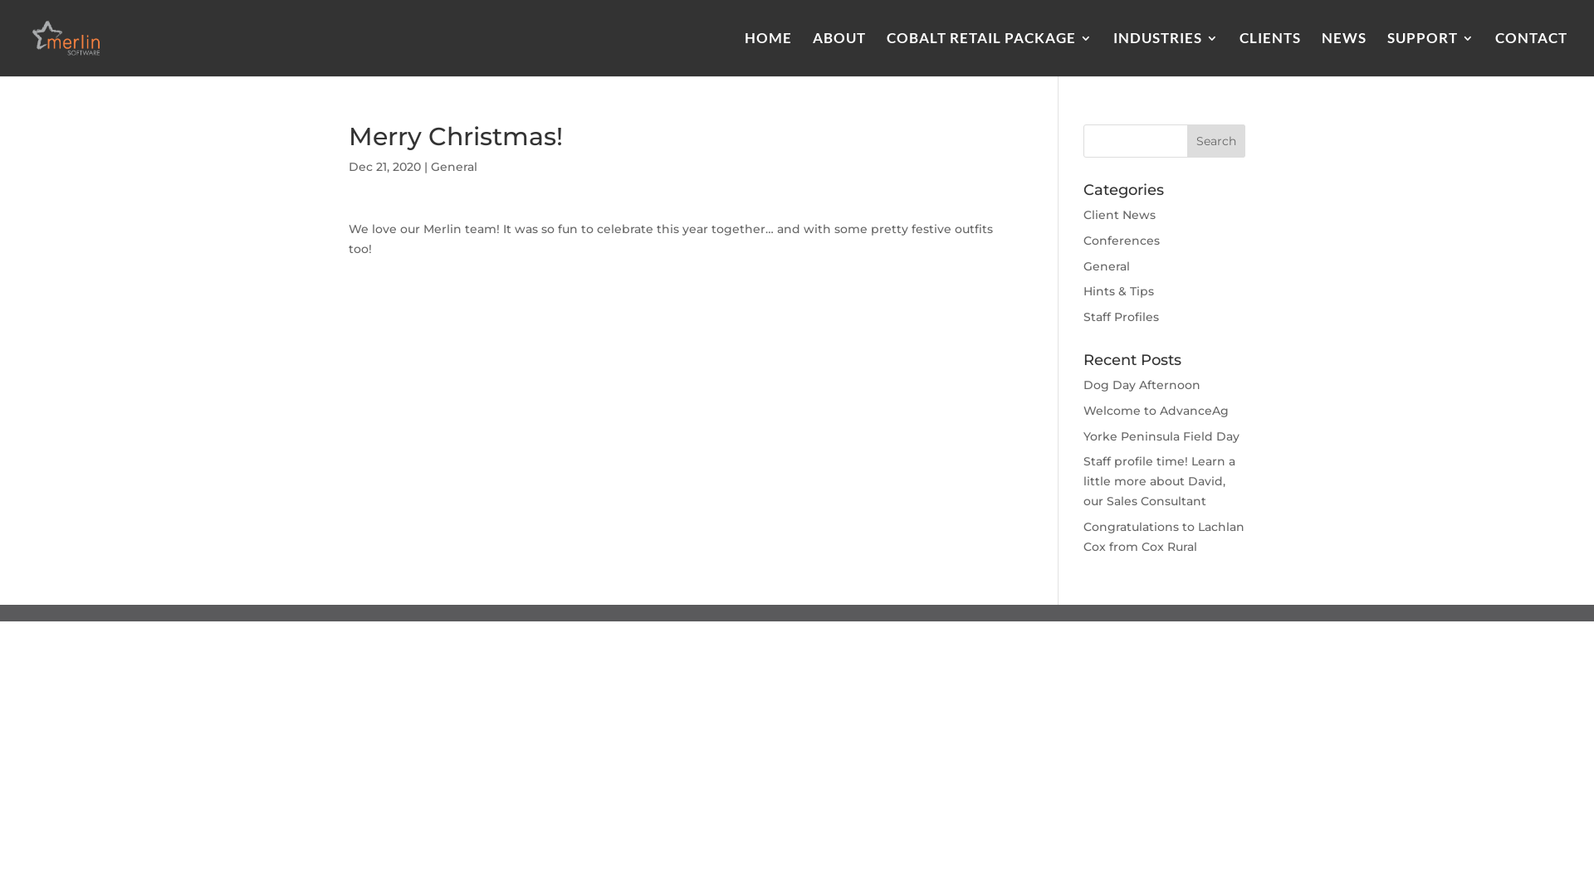 The width and height of the screenshot is (1594, 896). I want to click on 'Conferences', so click(1083, 240).